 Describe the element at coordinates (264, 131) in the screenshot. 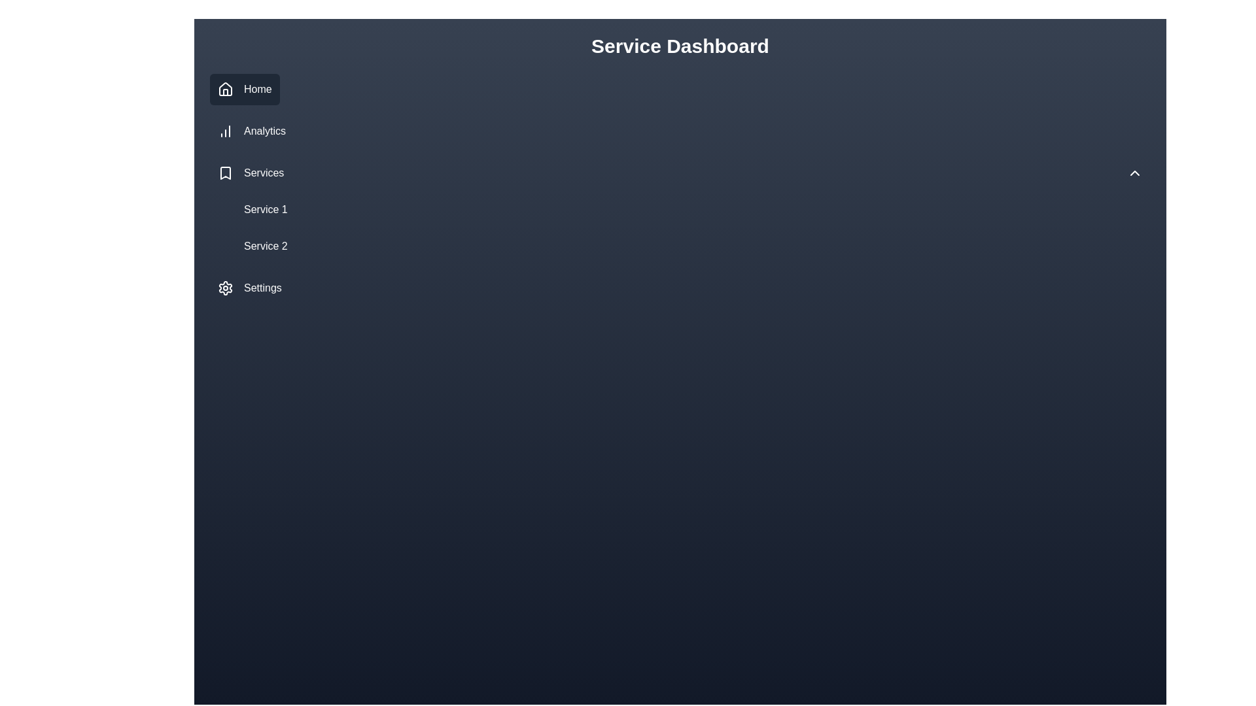

I see `the Text label in the left sidebar navigation menu, which is the second entry beneath the 'Home' item` at that location.